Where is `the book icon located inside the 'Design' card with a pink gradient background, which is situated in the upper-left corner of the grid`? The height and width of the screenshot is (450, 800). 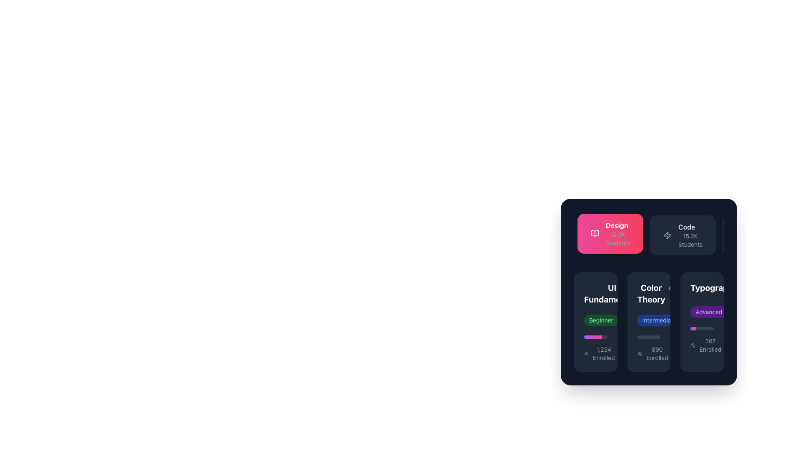
the book icon located inside the 'Design' card with a pink gradient background, which is situated in the upper-left corner of the grid is located at coordinates (595, 233).